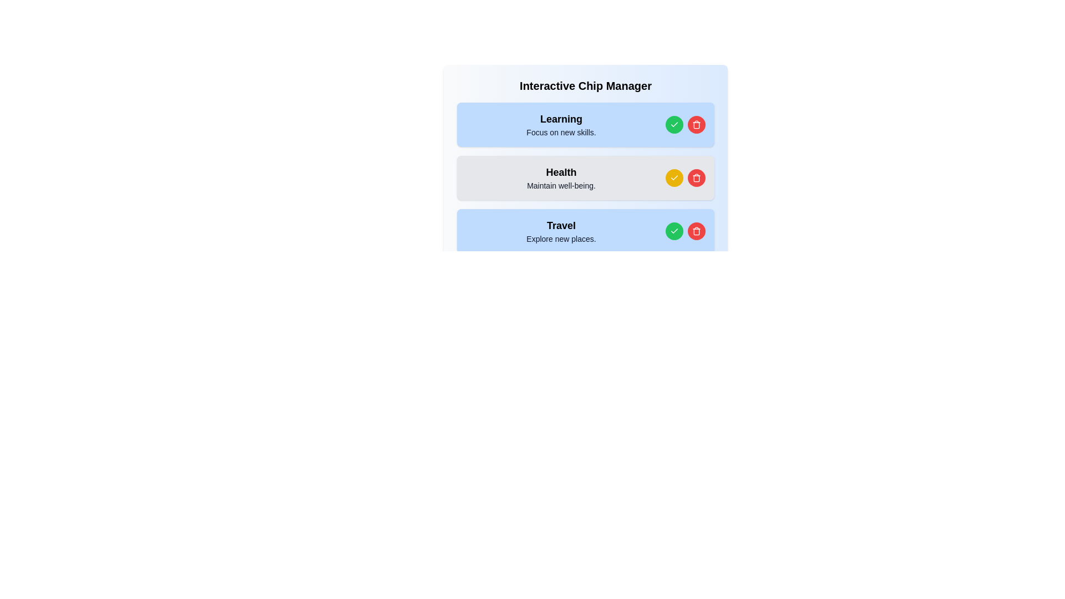 This screenshot has height=599, width=1065. I want to click on delete button for the chip labeled Learning, so click(696, 124).